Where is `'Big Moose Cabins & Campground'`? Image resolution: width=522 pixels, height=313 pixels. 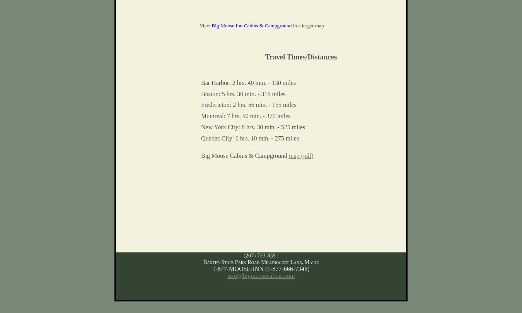
'Big Moose Cabins & Campground' is located at coordinates (245, 155).